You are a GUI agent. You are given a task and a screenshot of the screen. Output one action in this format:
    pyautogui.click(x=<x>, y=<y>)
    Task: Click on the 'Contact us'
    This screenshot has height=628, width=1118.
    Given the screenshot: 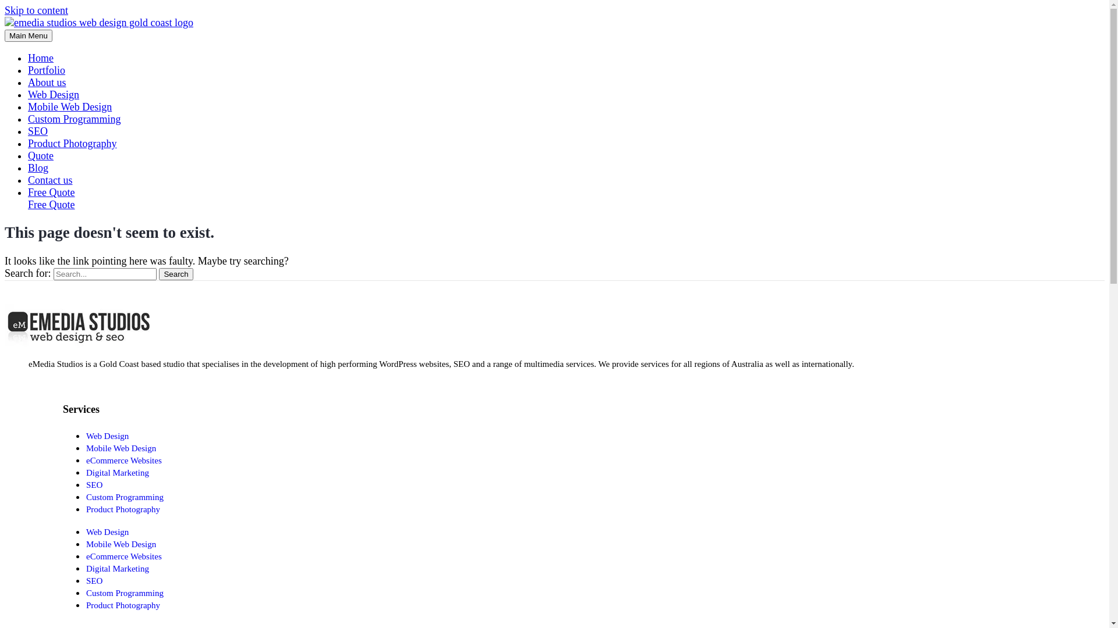 What is the action you would take?
    pyautogui.click(x=49, y=180)
    